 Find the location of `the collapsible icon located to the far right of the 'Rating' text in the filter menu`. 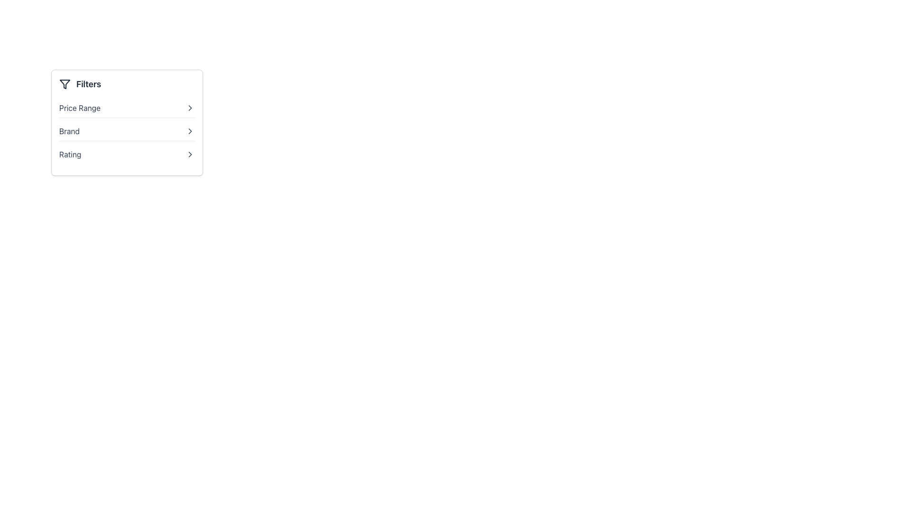

the collapsible icon located to the far right of the 'Rating' text in the filter menu is located at coordinates (190, 154).